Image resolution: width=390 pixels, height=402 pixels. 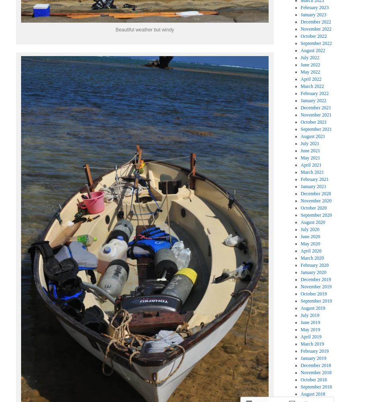 What do you see at coordinates (316, 386) in the screenshot?
I see `'September 2018'` at bounding box center [316, 386].